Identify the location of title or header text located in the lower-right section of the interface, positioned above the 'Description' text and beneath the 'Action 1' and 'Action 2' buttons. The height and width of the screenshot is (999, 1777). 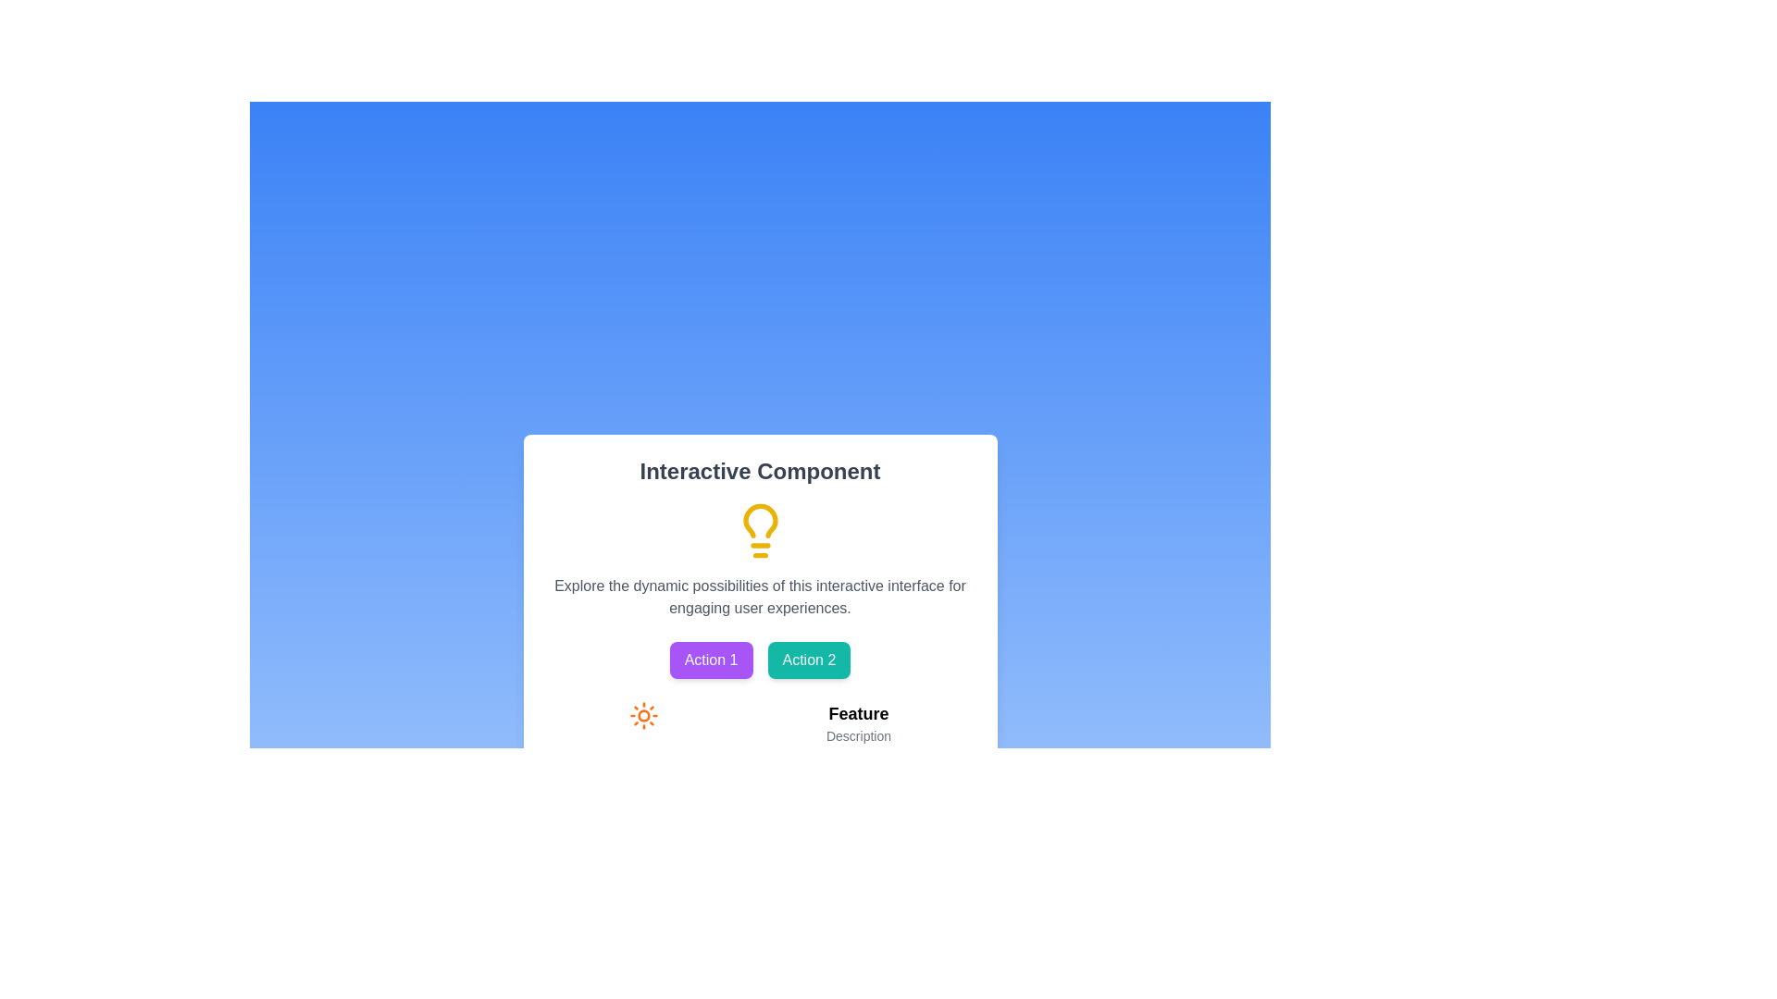
(857, 712).